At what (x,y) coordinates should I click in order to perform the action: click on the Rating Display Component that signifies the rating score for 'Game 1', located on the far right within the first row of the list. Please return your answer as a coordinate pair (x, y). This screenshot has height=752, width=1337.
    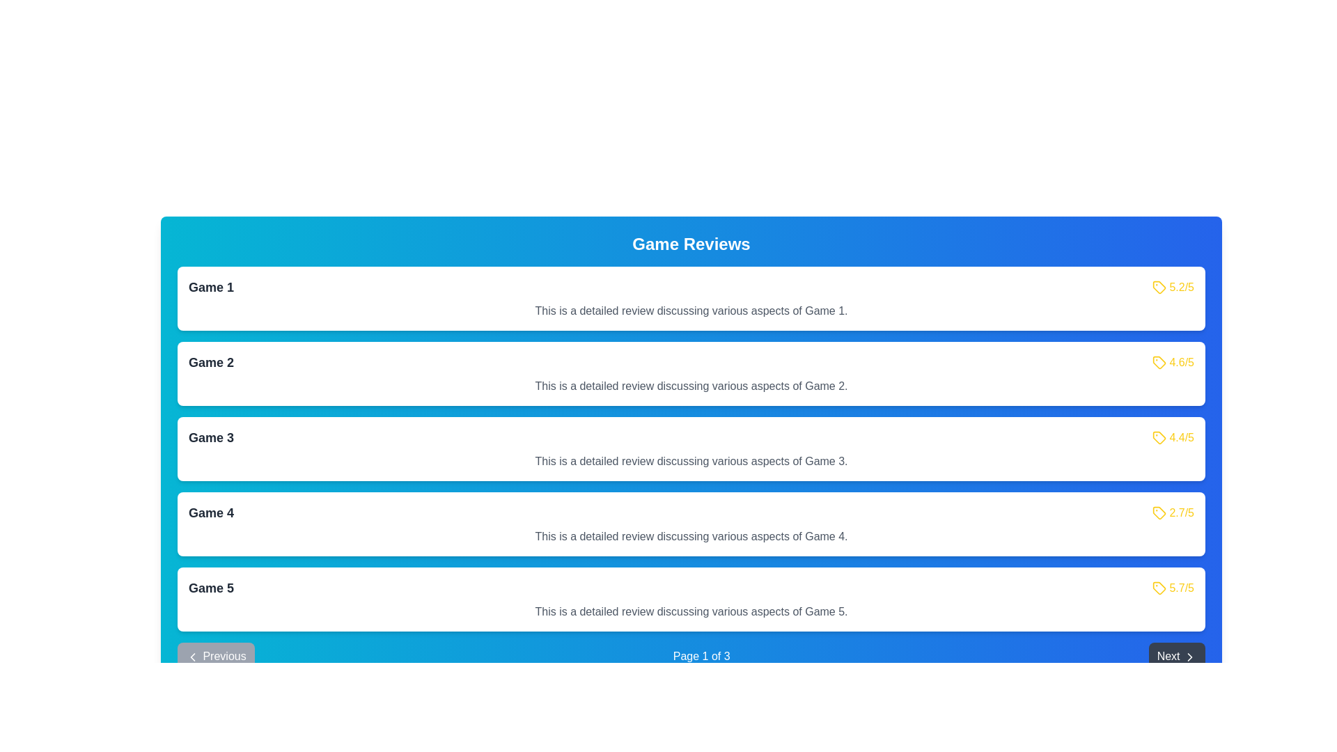
    Looking at the image, I should click on (1173, 286).